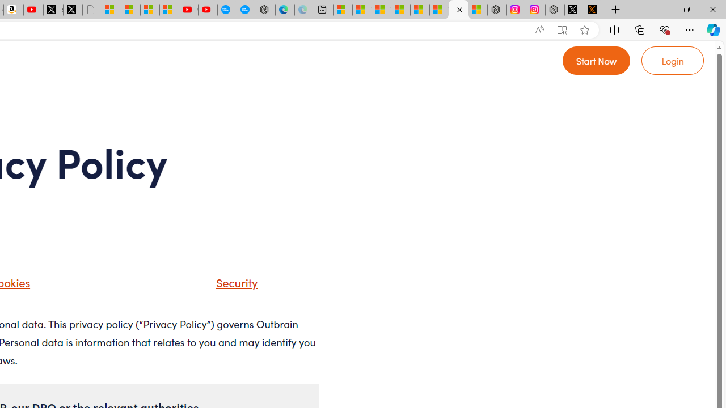  What do you see at coordinates (92, 10) in the screenshot?
I see `'Untitled'` at bounding box center [92, 10].